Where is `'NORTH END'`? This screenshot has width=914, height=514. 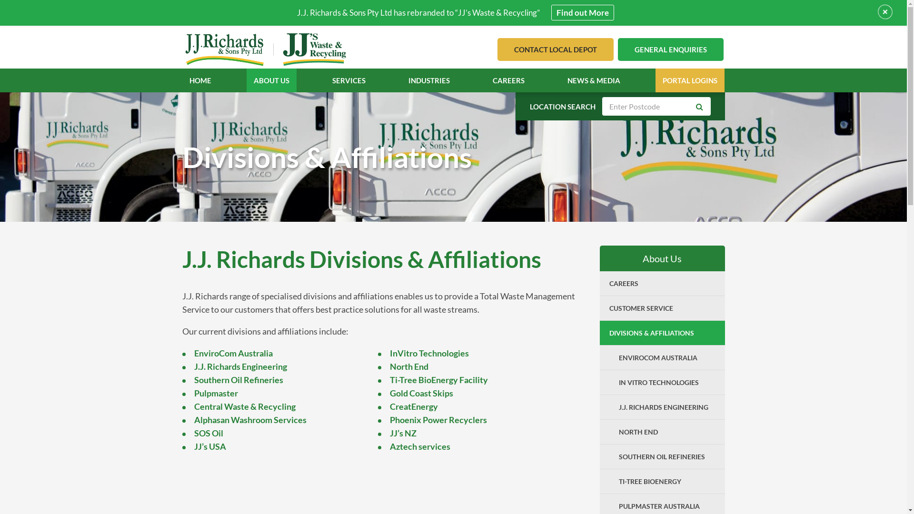 'NORTH END' is located at coordinates (666, 432).